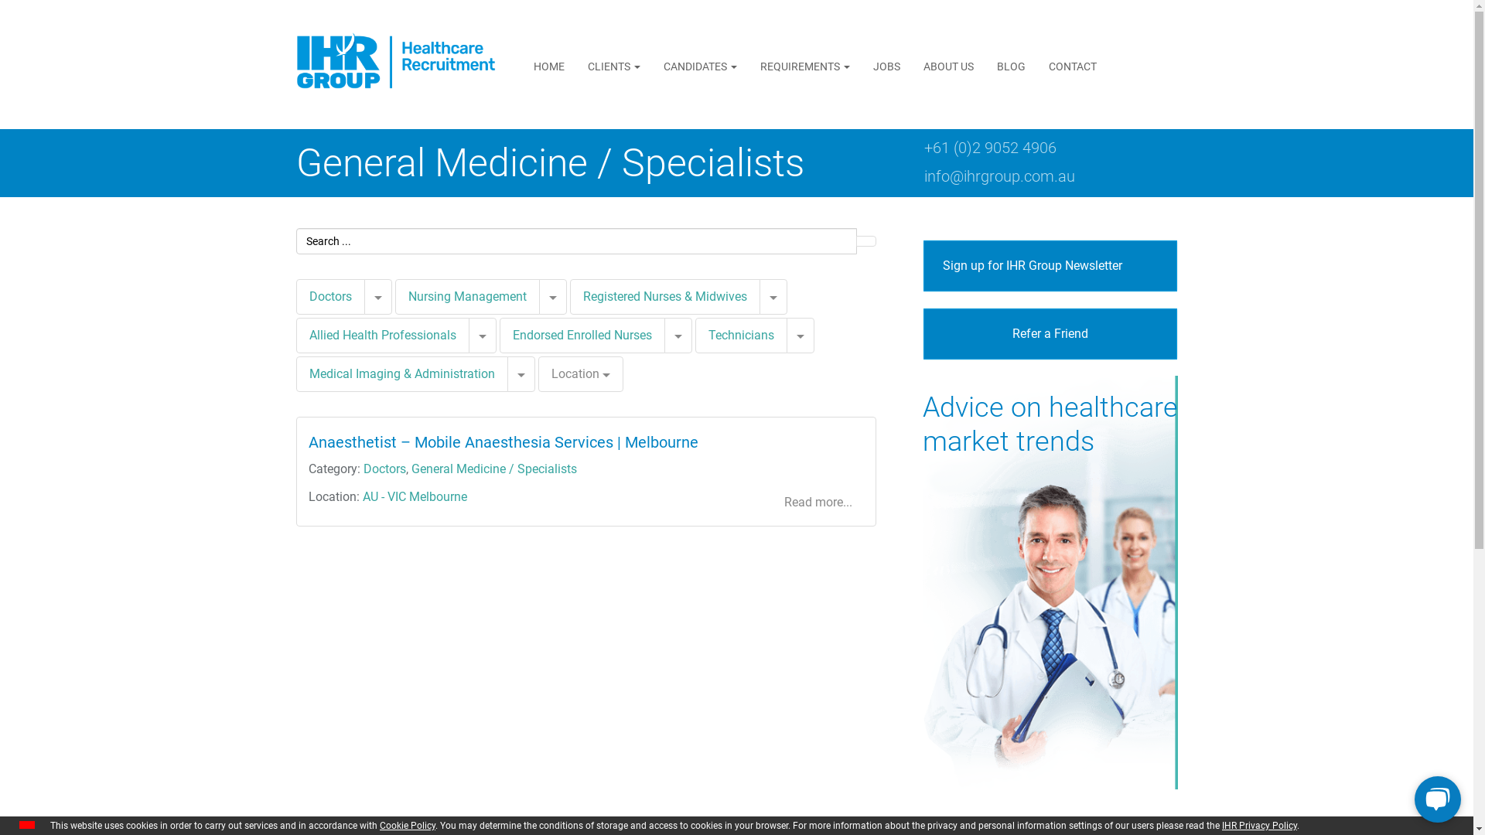 The width and height of the screenshot is (1485, 835). What do you see at coordinates (401, 373) in the screenshot?
I see `'Medical Imaging & Administration'` at bounding box center [401, 373].